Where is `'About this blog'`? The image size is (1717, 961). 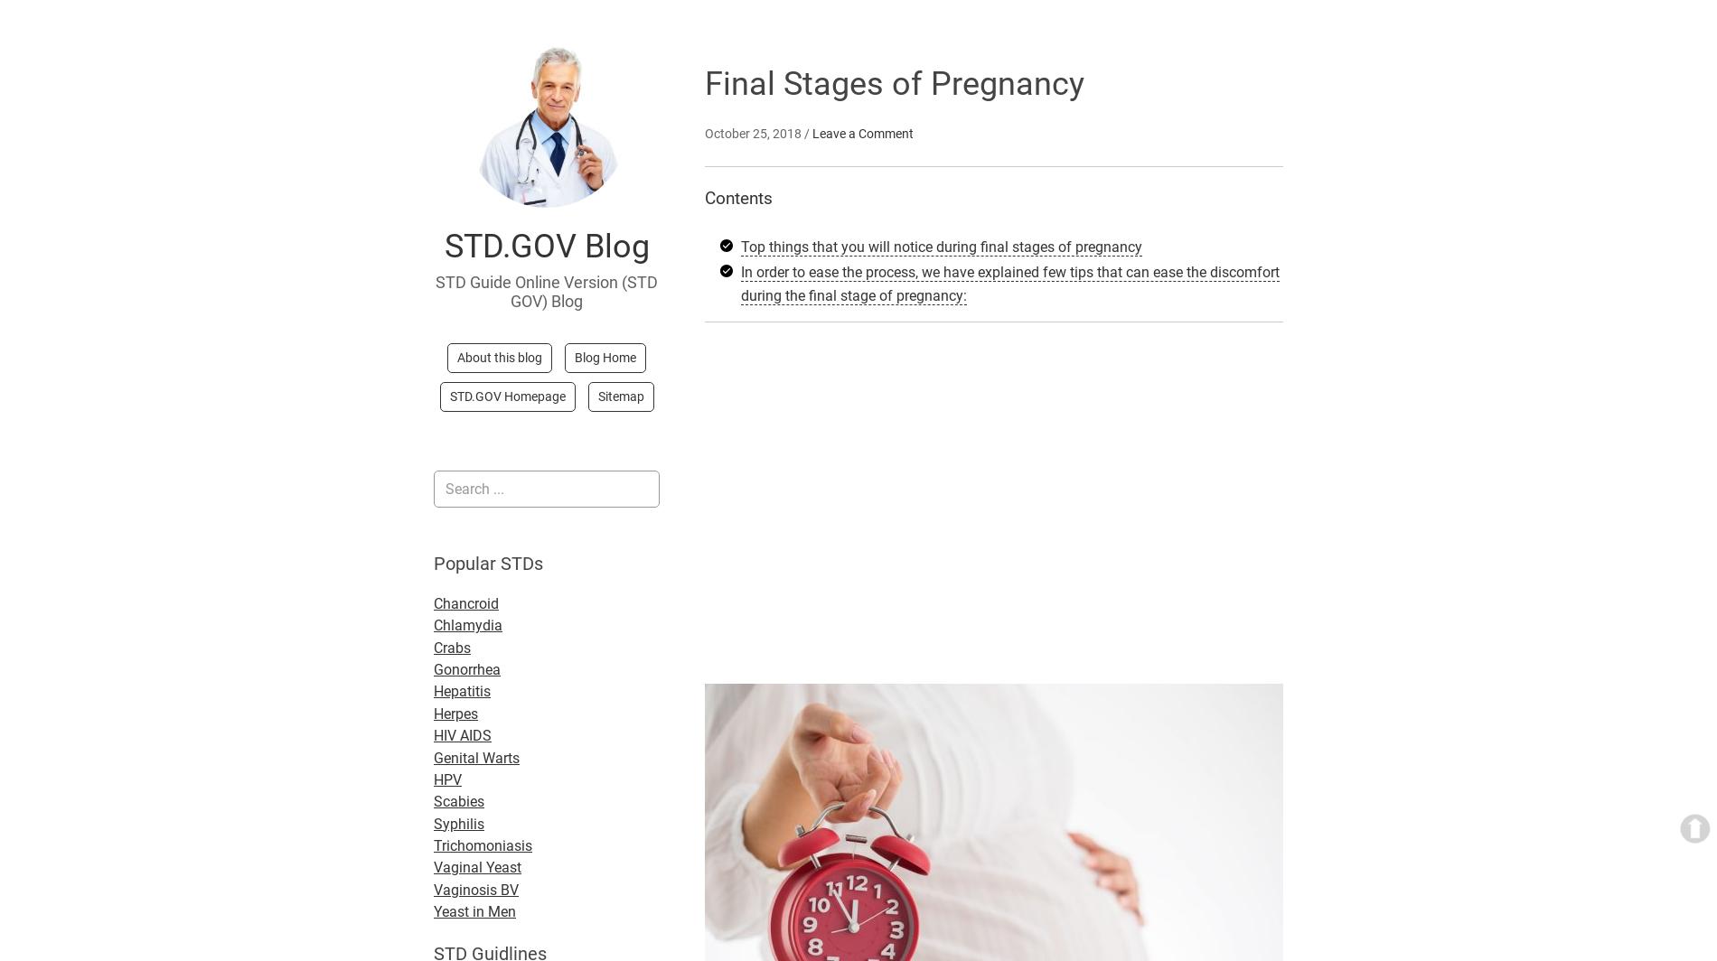
'About this blog' is located at coordinates (500, 356).